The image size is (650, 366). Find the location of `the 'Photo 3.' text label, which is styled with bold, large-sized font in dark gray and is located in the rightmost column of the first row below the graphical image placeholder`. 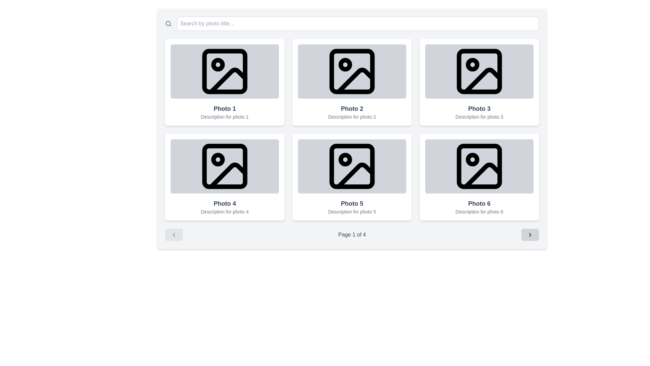

the 'Photo 3.' text label, which is styled with bold, large-sized font in dark gray and is located in the rightmost column of the first row below the graphical image placeholder is located at coordinates (479, 108).